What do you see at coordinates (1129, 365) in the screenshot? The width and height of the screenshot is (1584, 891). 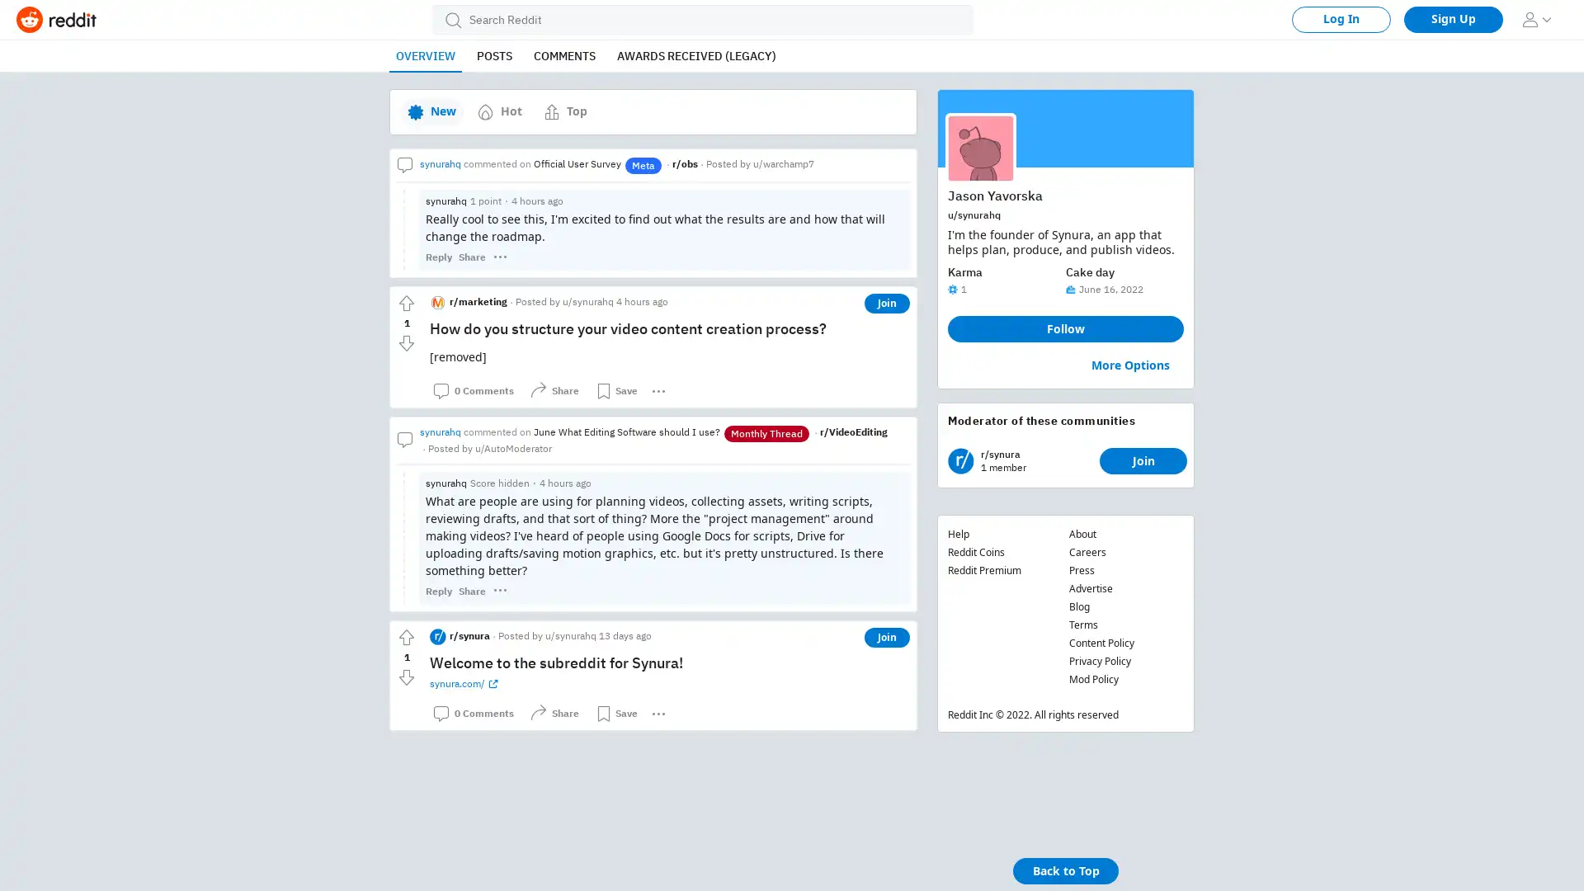 I see `More Options` at bounding box center [1129, 365].